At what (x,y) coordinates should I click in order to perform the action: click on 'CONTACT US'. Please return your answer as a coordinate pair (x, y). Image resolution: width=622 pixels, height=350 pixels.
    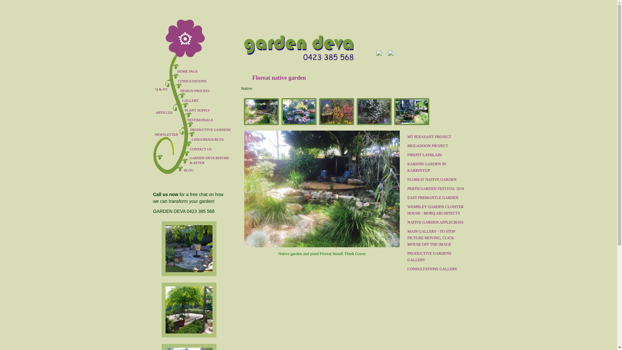
    Looking at the image, I should click on (208, 149).